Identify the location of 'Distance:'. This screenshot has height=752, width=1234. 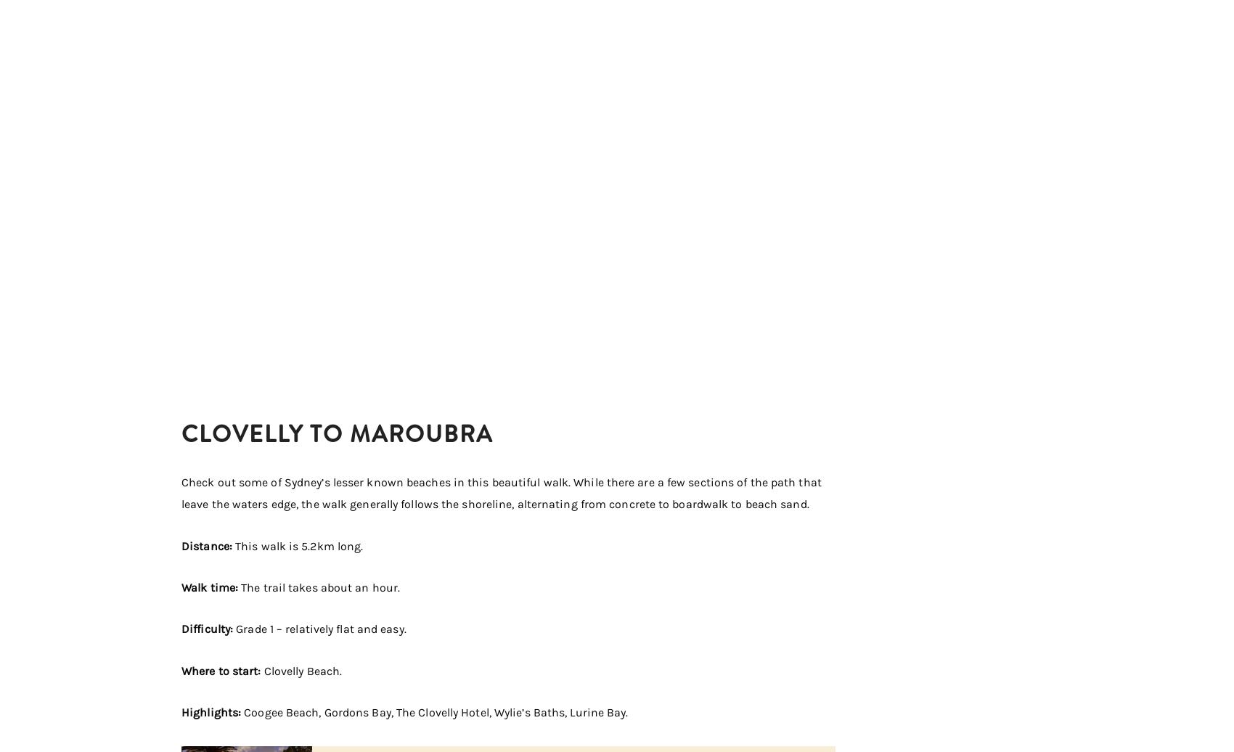
(181, 545).